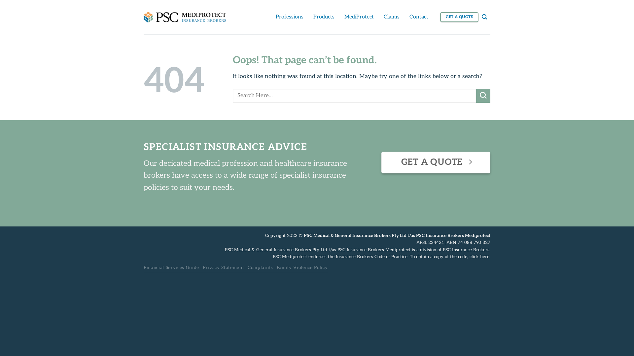 The height and width of the screenshot is (356, 634). Describe the element at coordinates (418, 16) in the screenshot. I see `'Contact'` at that location.